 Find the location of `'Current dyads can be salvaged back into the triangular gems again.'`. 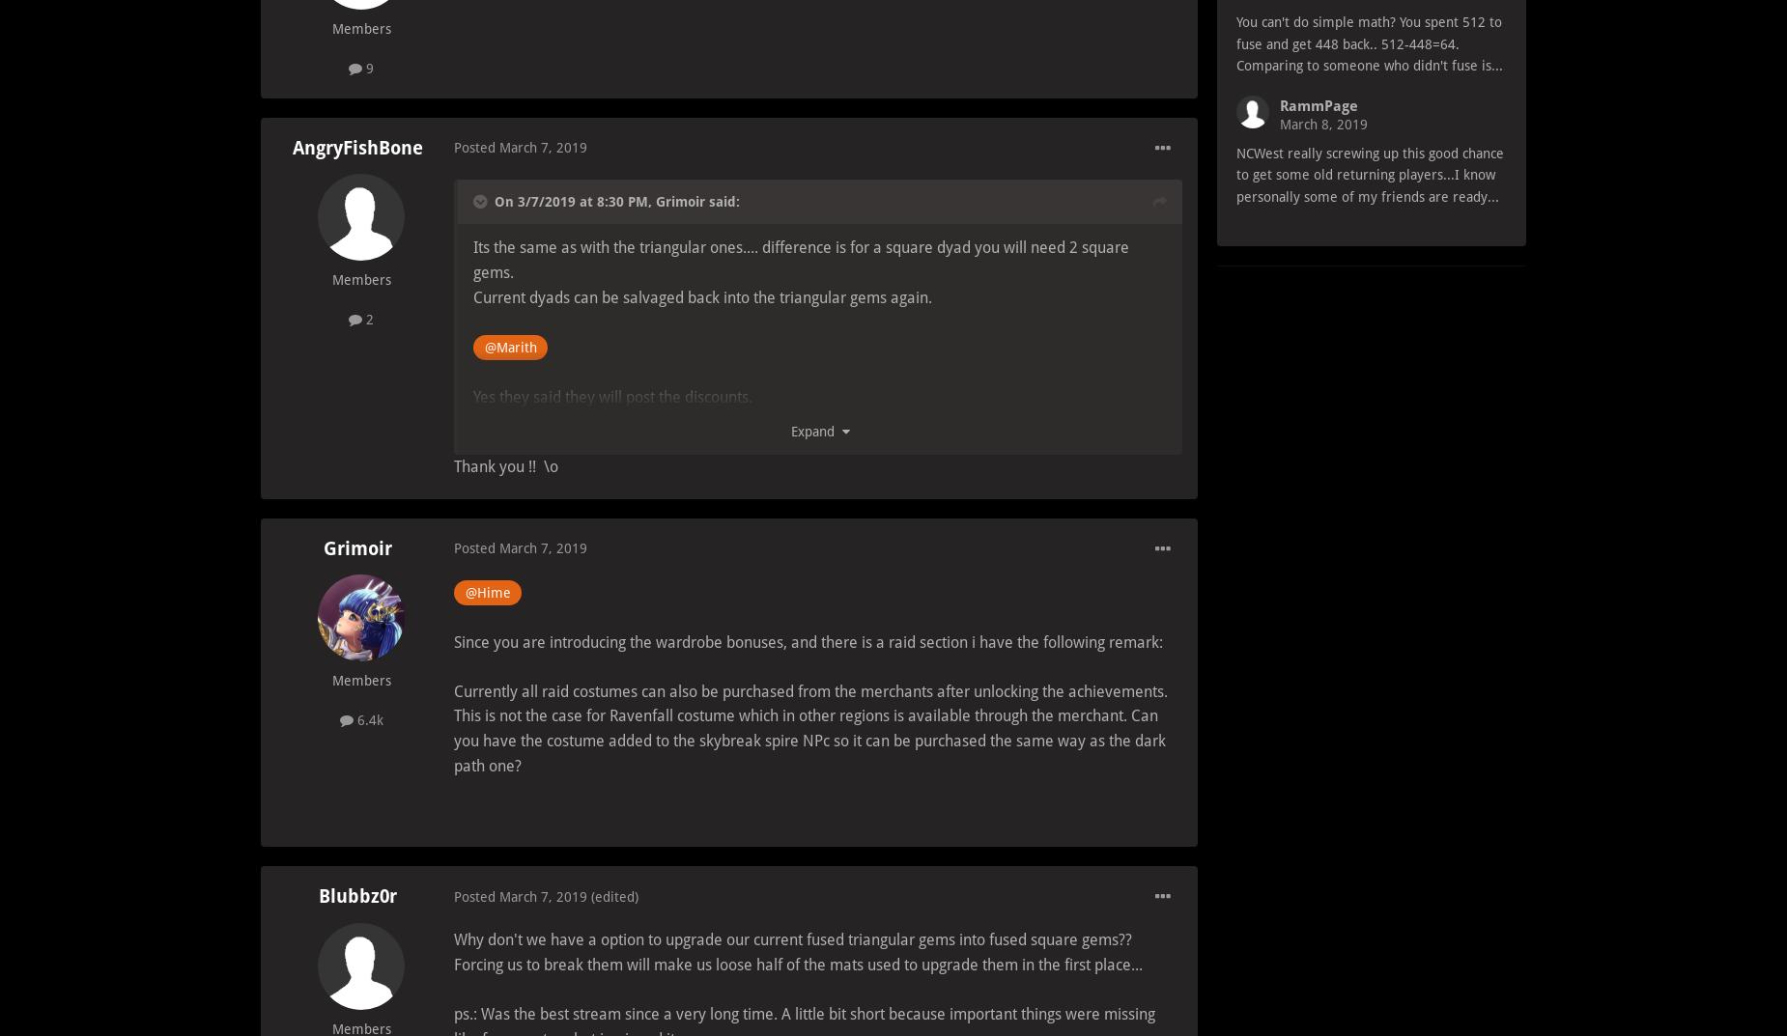

'Current dyads can be salvaged back into the triangular gems again.' is located at coordinates (702, 296).